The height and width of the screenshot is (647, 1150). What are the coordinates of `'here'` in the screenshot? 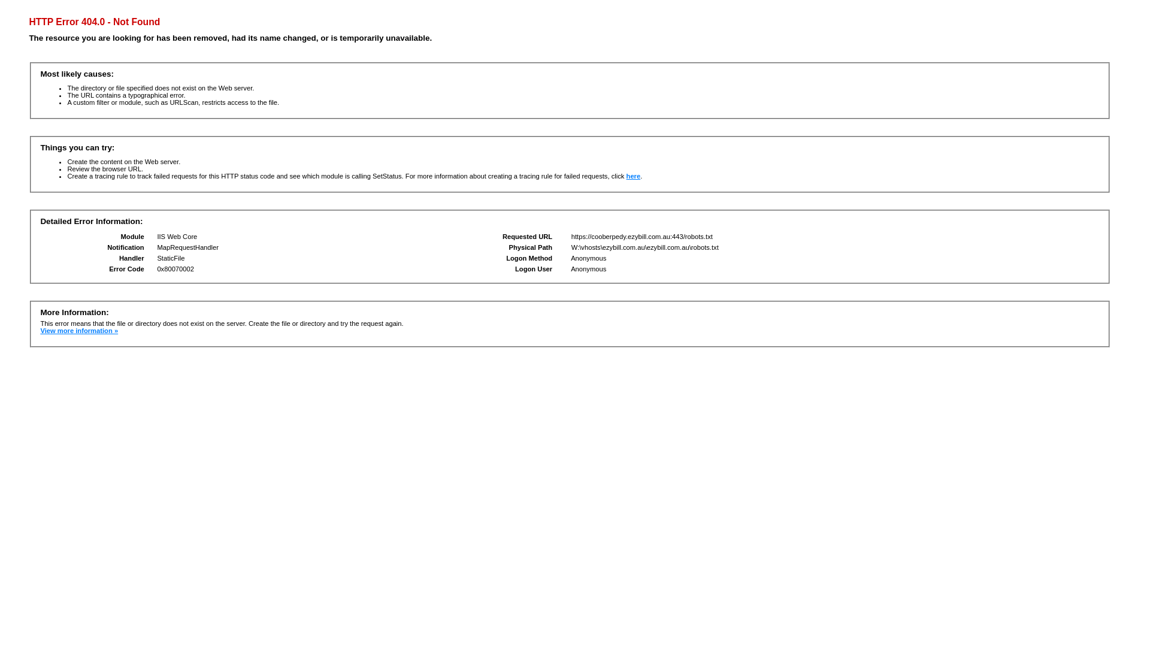 It's located at (632, 176).